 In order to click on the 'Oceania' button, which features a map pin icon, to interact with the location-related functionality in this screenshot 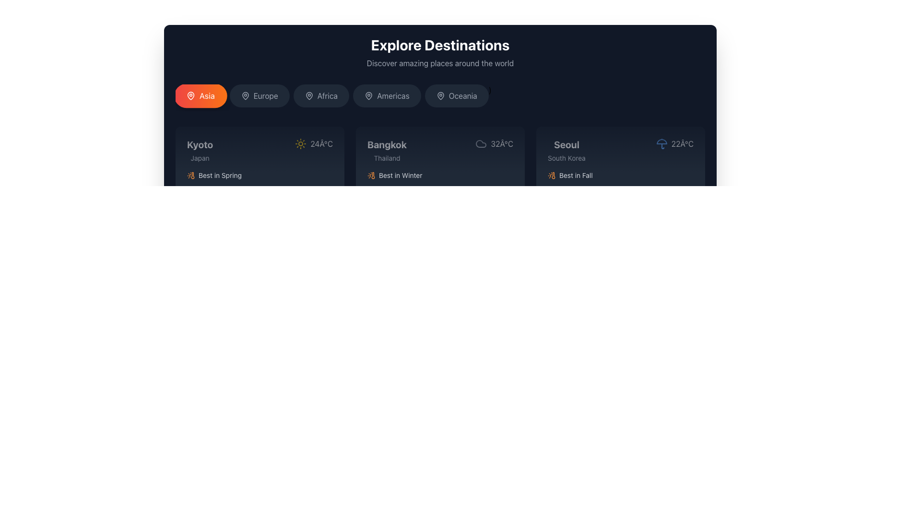, I will do `click(440, 96)`.